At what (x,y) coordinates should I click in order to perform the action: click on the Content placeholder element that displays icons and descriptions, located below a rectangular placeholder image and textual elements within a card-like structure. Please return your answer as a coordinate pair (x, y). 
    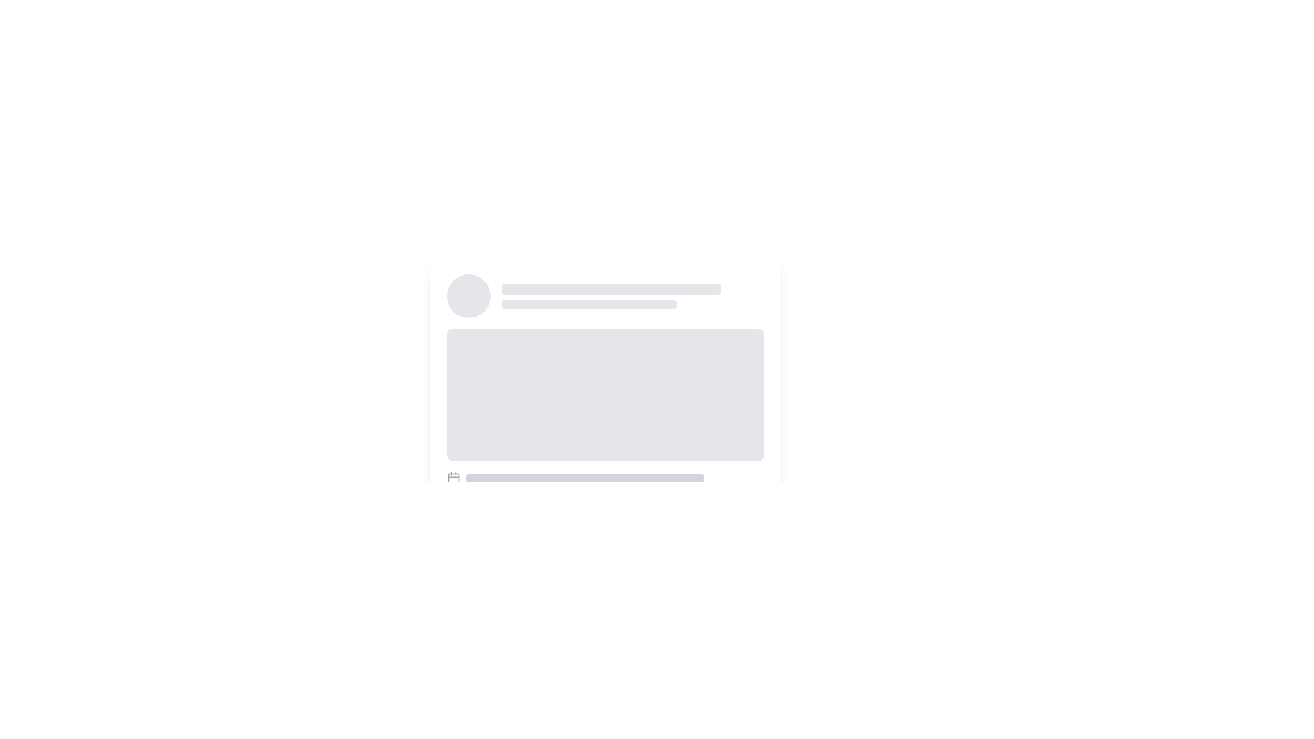
    Looking at the image, I should click on (604, 503).